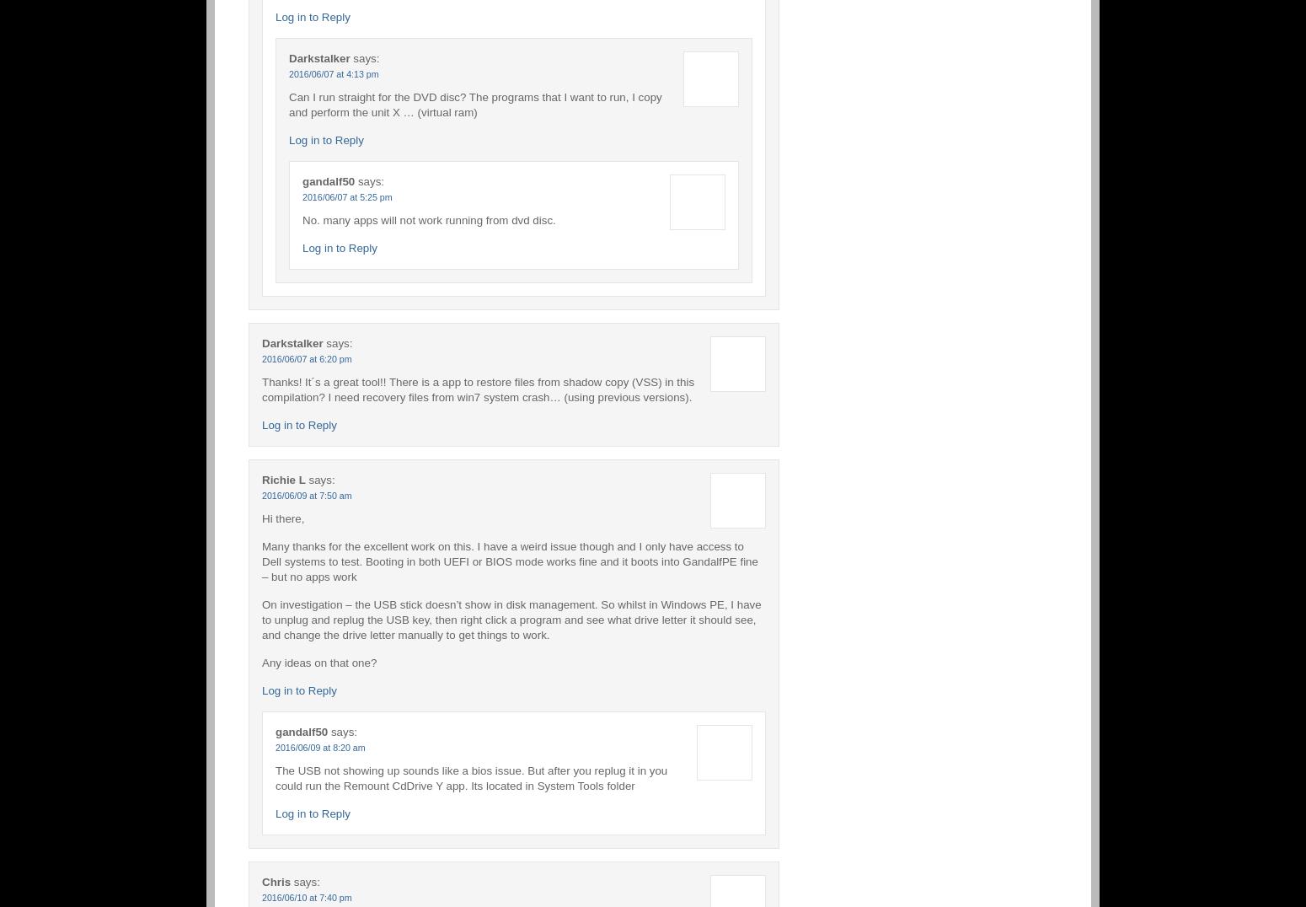 This screenshot has width=1306, height=907. Describe the element at coordinates (305, 358) in the screenshot. I see `'2016/06/07 at 6:20 pm'` at that location.